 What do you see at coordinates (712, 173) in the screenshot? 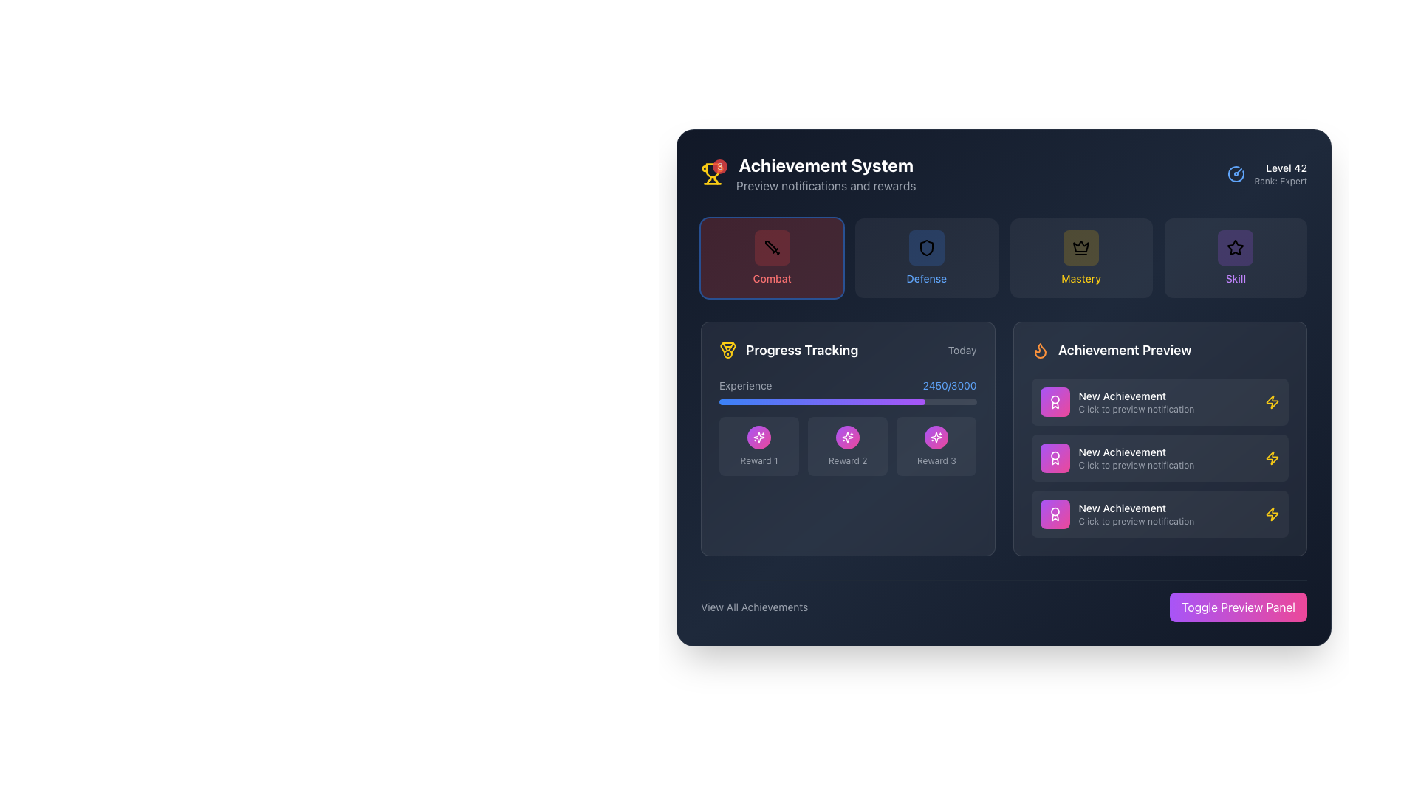
I see `the Notification badge located in the top-left corner of the interface, adjacent to the title 'Achievement System'` at bounding box center [712, 173].